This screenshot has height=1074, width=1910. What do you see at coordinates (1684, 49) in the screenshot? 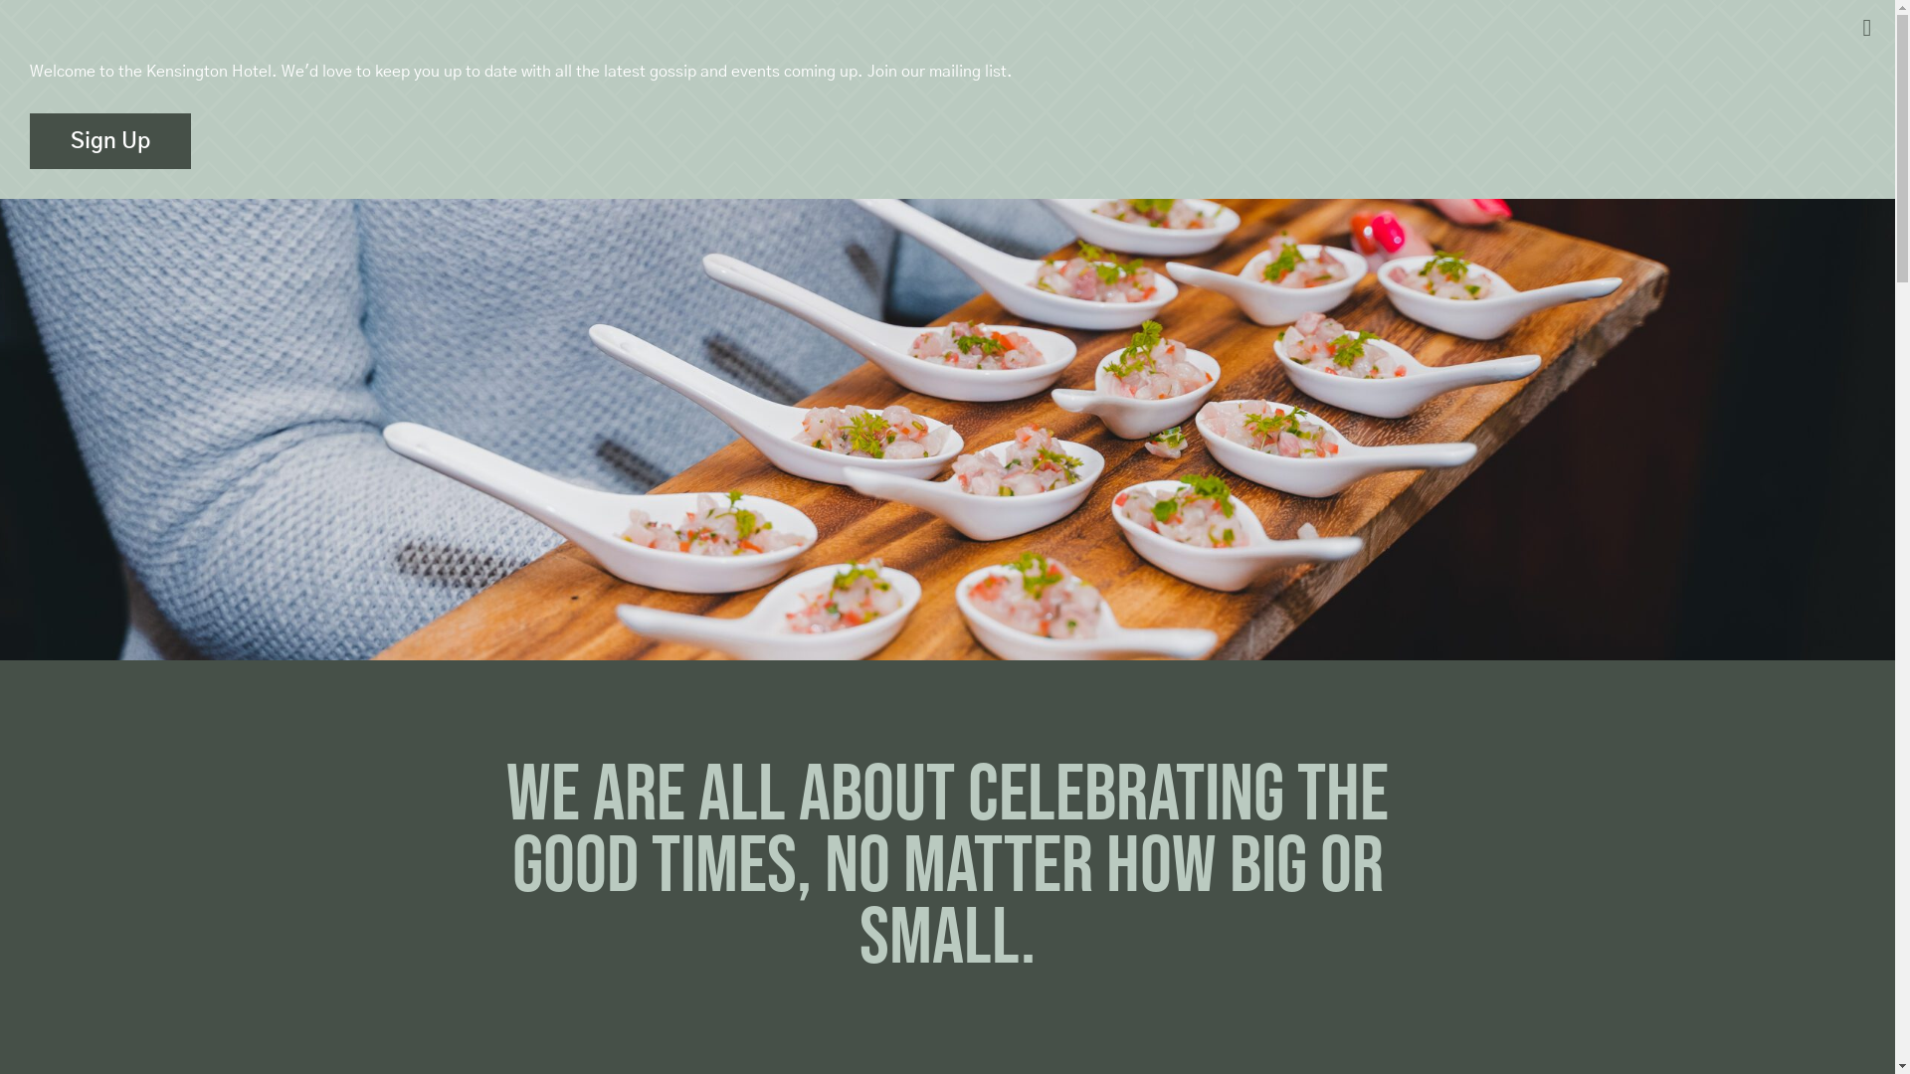
I see `'Book'` at bounding box center [1684, 49].